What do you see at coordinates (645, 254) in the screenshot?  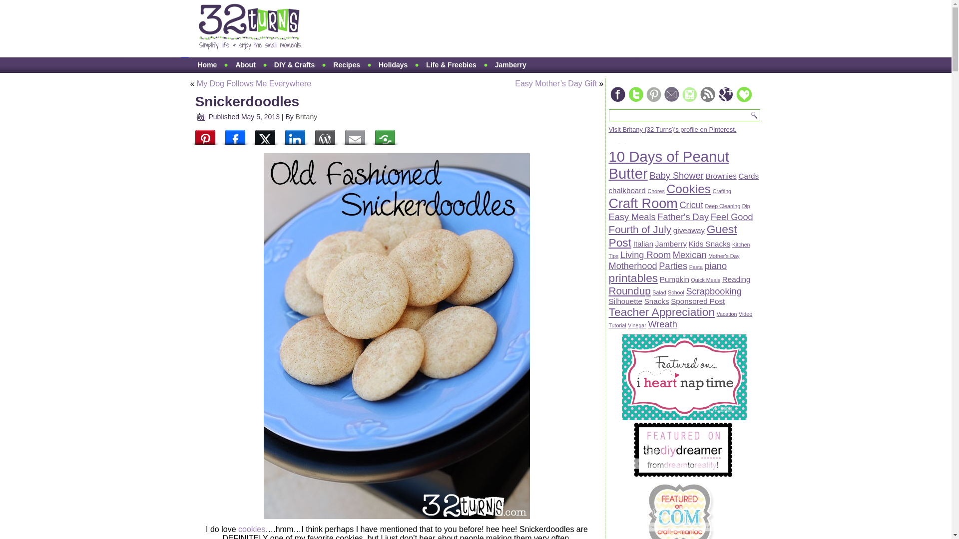 I see `'Living Room'` at bounding box center [645, 254].